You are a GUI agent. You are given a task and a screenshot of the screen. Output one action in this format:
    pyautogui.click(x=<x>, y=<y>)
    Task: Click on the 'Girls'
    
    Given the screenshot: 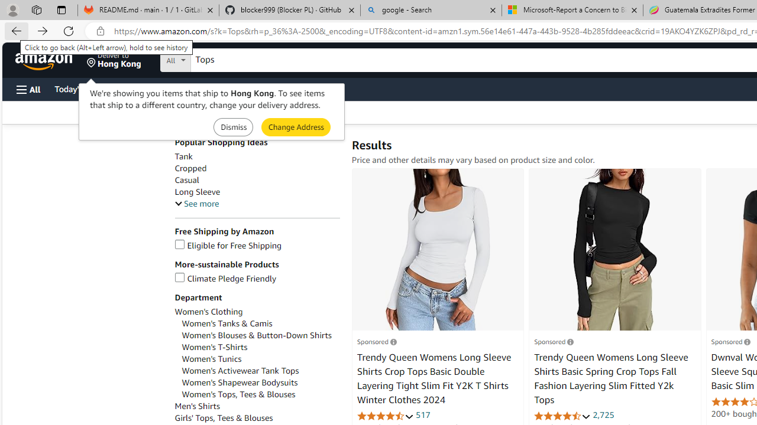 What is the action you would take?
    pyautogui.click(x=256, y=417)
    